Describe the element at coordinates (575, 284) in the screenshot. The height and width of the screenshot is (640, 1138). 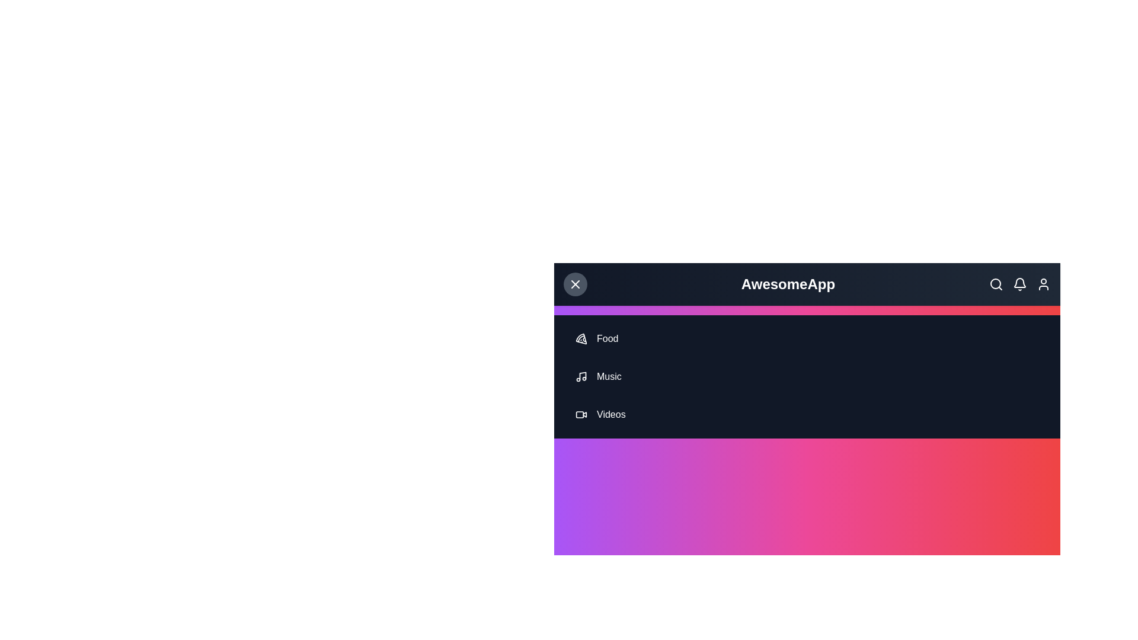
I see `the menu toggle button in the top-left corner to toggle the menu open or closed` at that location.